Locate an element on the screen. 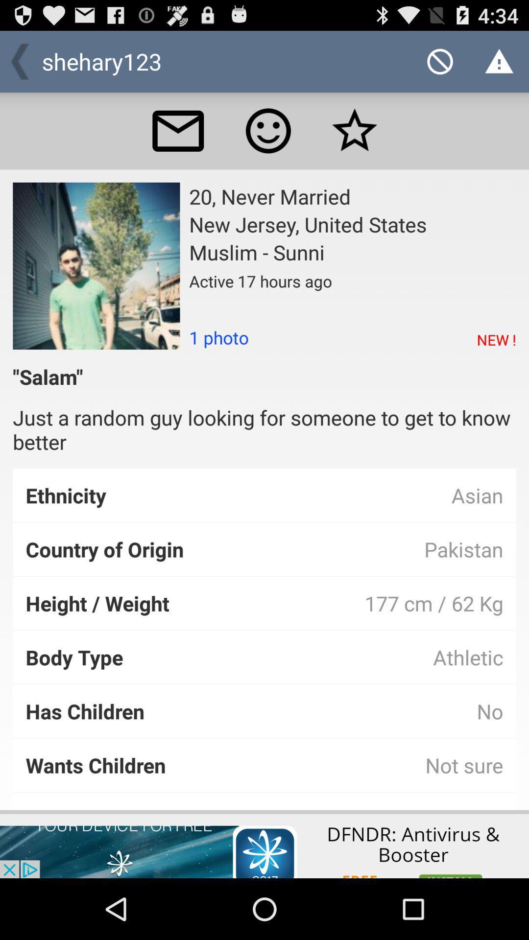 Image resolution: width=529 pixels, height=940 pixels. the email icon is located at coordinates (178, 140).